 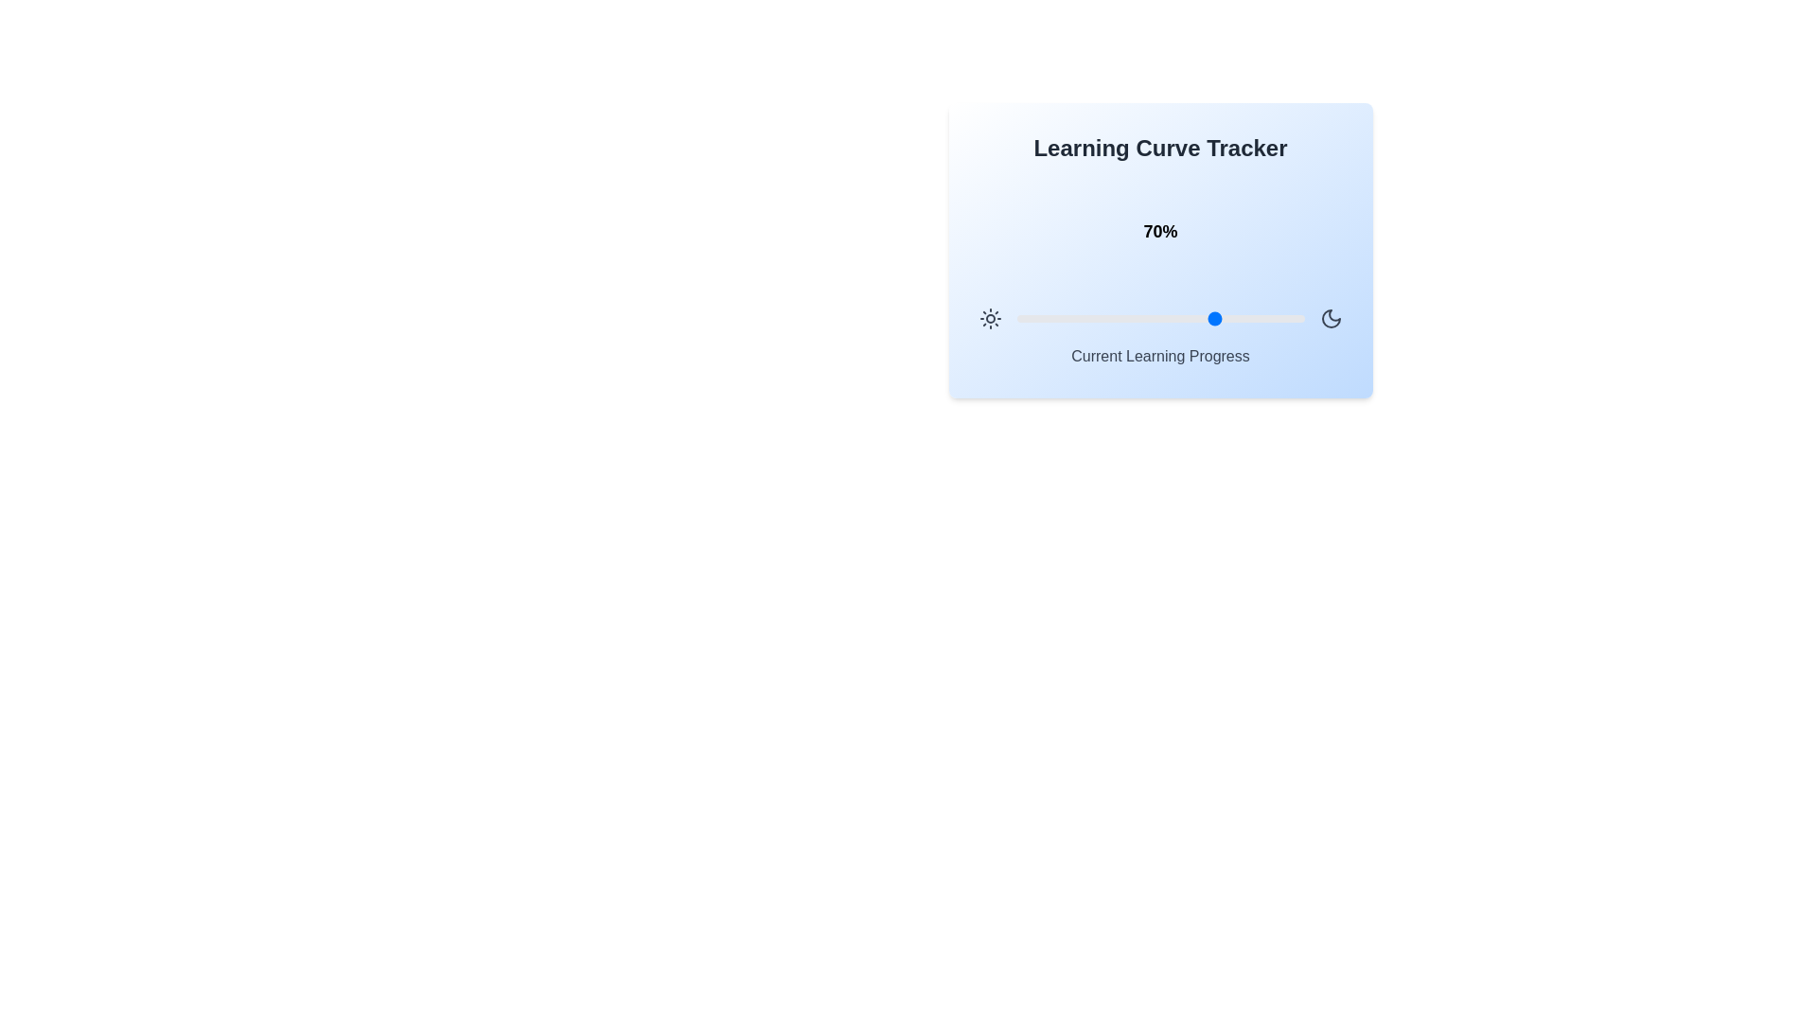 What do you see at coordinates (1241, 317) in the screenshot?
I see `the slider to set the progress value to 78%` at bounding box center [1241, 317].